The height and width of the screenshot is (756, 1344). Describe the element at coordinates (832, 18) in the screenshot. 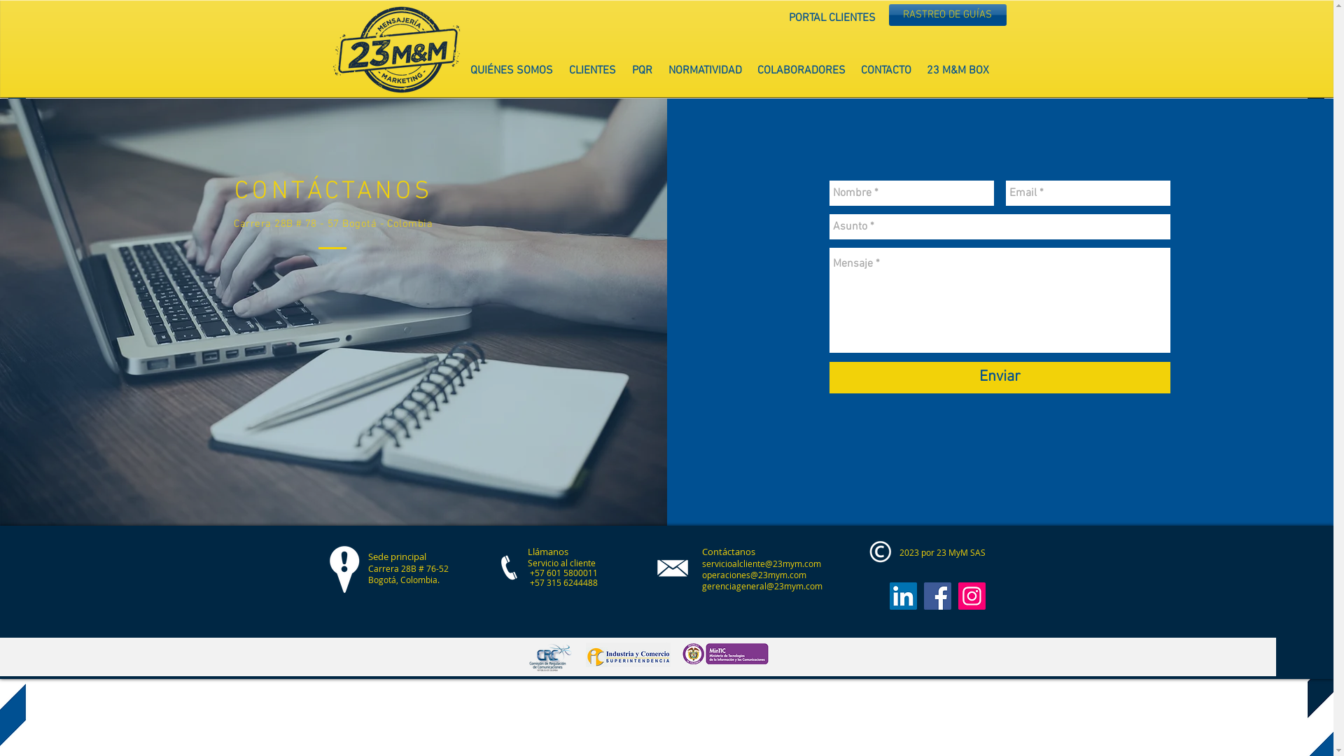

I see `'PORTAL CLIENTES'` at that location.